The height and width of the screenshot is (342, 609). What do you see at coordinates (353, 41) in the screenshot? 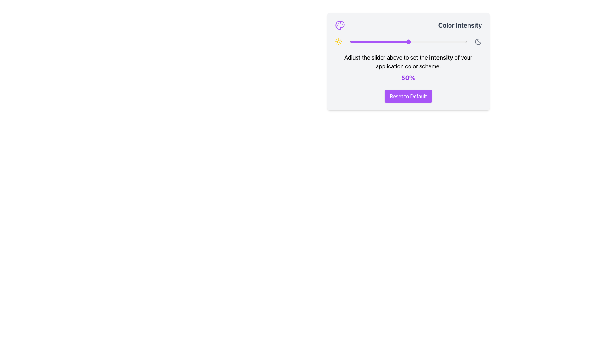
I see `the color intensity` at bounding box center [353, 41].